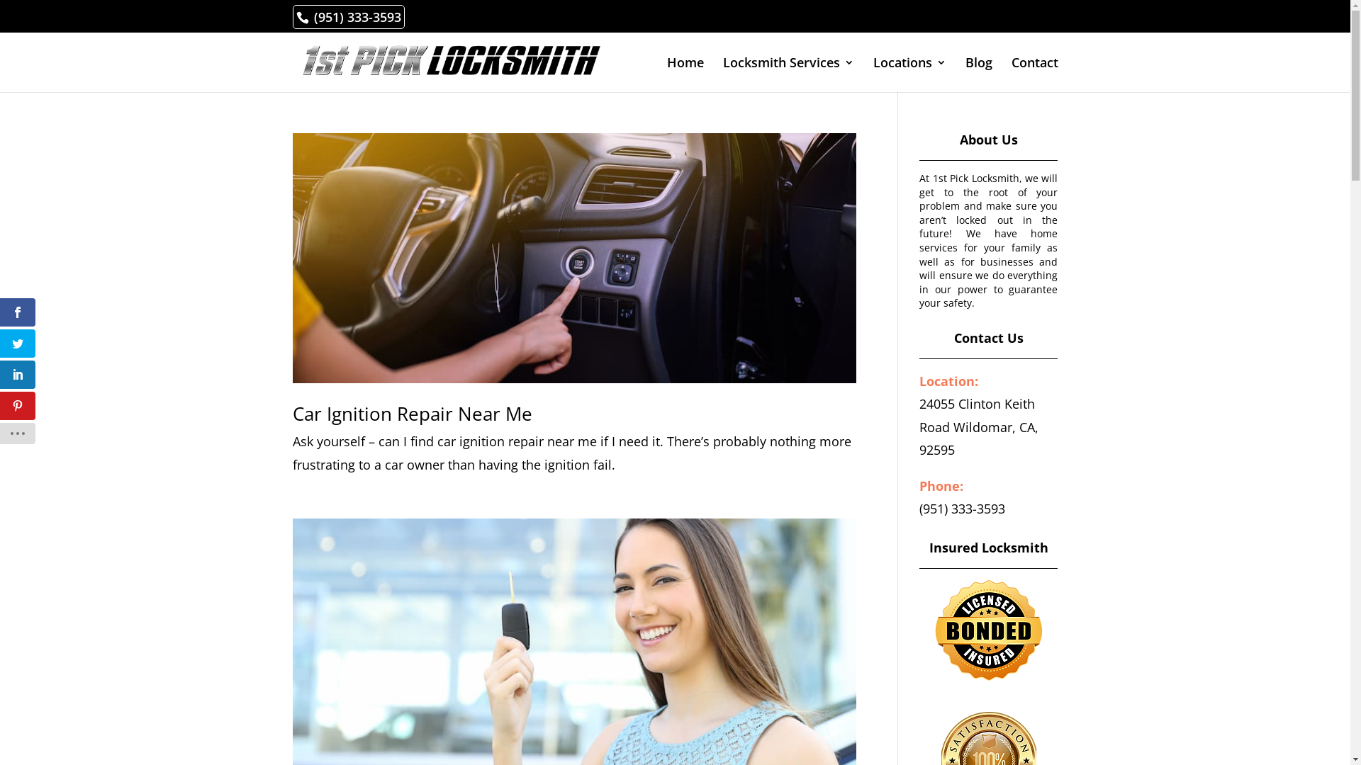 This screenshot has height=765, width=1361. Describe the element at coordinates (909, 74) in the screenshot. I see `'Locations'` at that location.